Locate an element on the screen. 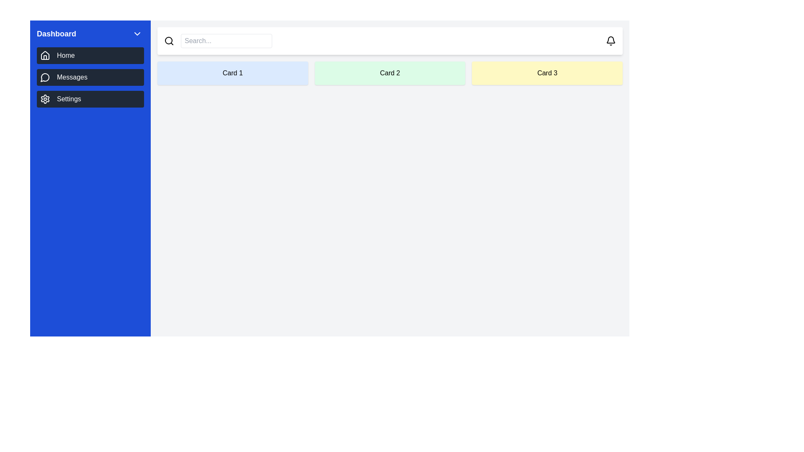  the text label that indicates the functionality related to messages, which is the second navigation button in the vertical list beneath the 'Dashboard' header is located at coordinates (72, 77).